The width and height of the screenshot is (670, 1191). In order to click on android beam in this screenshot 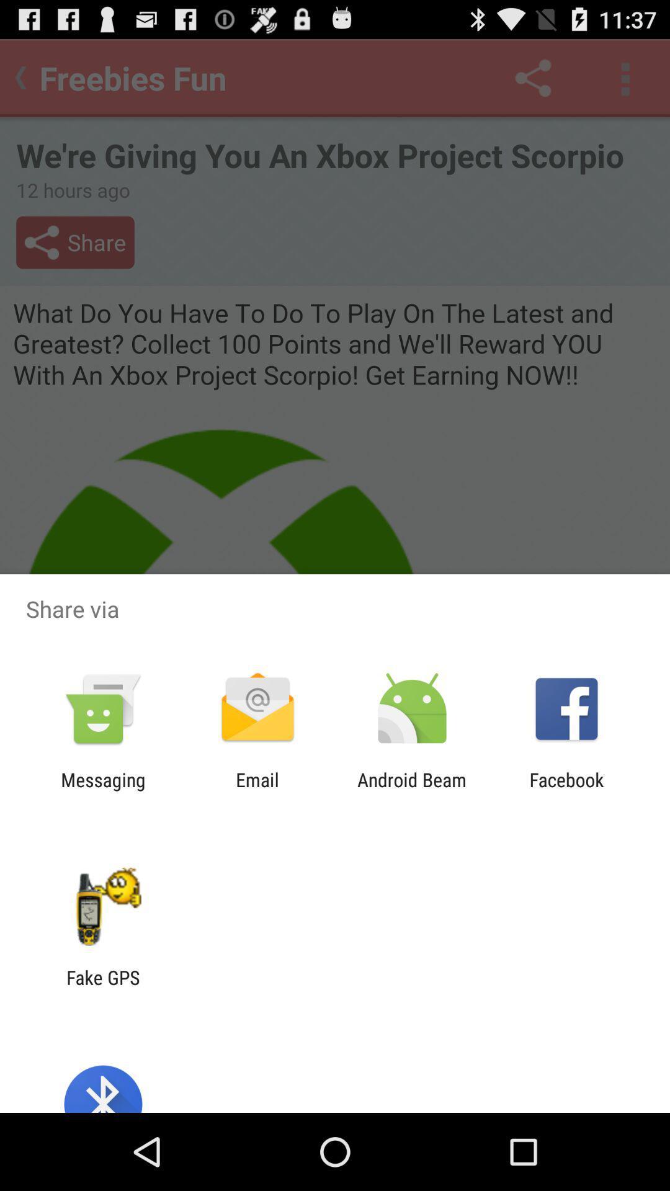, I will do `click(412, 790)`.